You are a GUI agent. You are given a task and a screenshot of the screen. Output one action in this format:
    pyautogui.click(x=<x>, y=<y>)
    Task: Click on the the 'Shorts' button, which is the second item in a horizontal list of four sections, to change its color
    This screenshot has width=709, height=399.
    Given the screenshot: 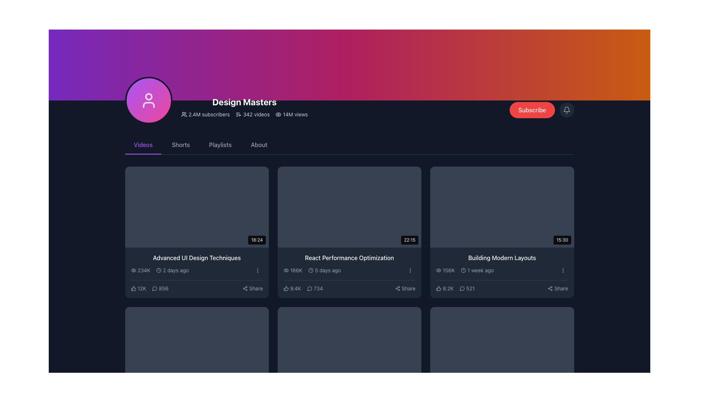 What is the action you would take?
    pyautogui.click(x=181, y=145)
    